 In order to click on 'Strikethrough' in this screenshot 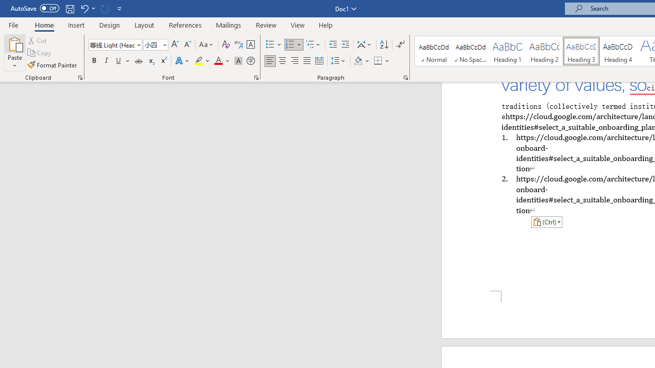, I will do `click(138, 61)`.